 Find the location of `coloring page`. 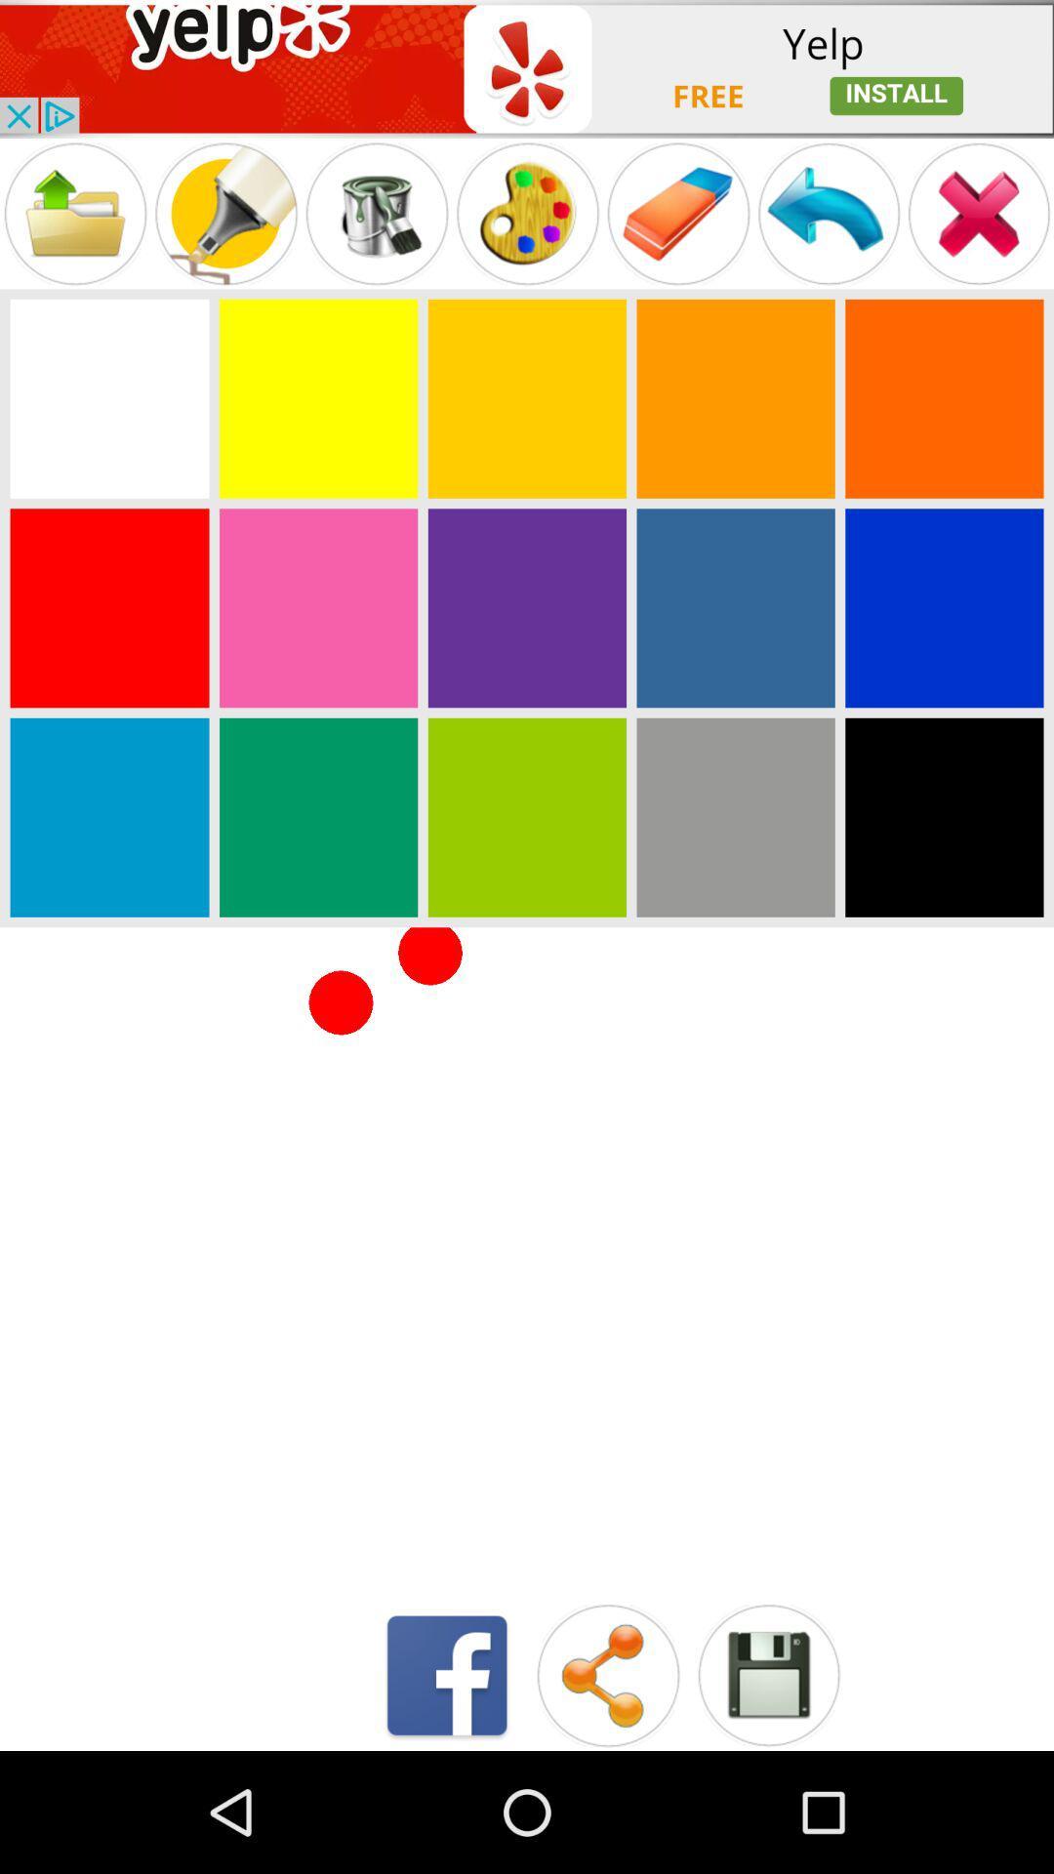

coloring page is located at coordinates (317, 817).